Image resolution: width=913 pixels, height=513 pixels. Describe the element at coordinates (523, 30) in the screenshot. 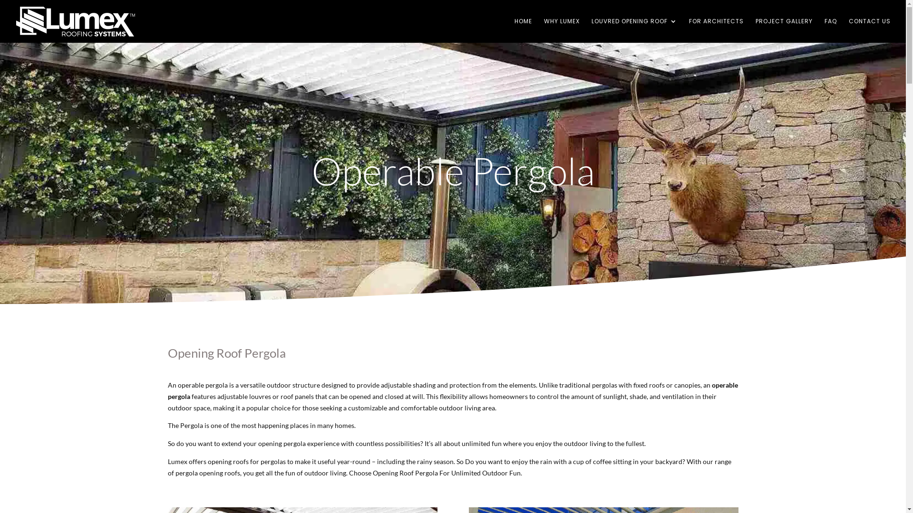

I see `'HOME'` at that location.